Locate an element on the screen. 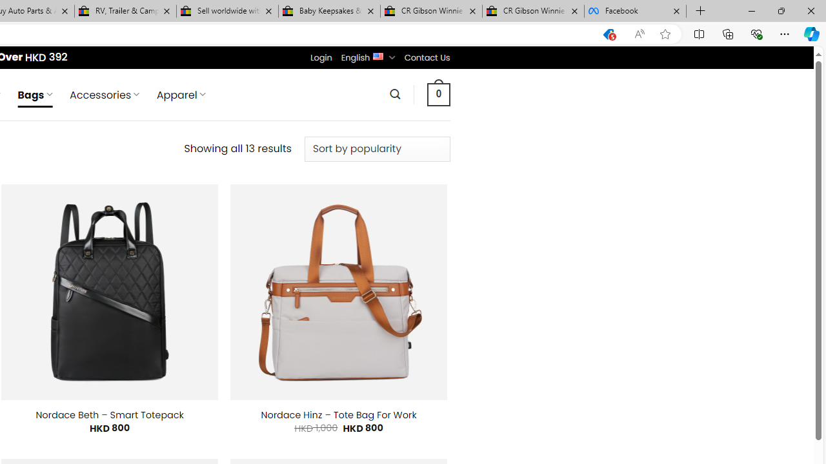 This screenshot has height=464, width=826. 'Baby Keepsakes & Announcements for sale | eBay' is located at coordinates (329, 11).